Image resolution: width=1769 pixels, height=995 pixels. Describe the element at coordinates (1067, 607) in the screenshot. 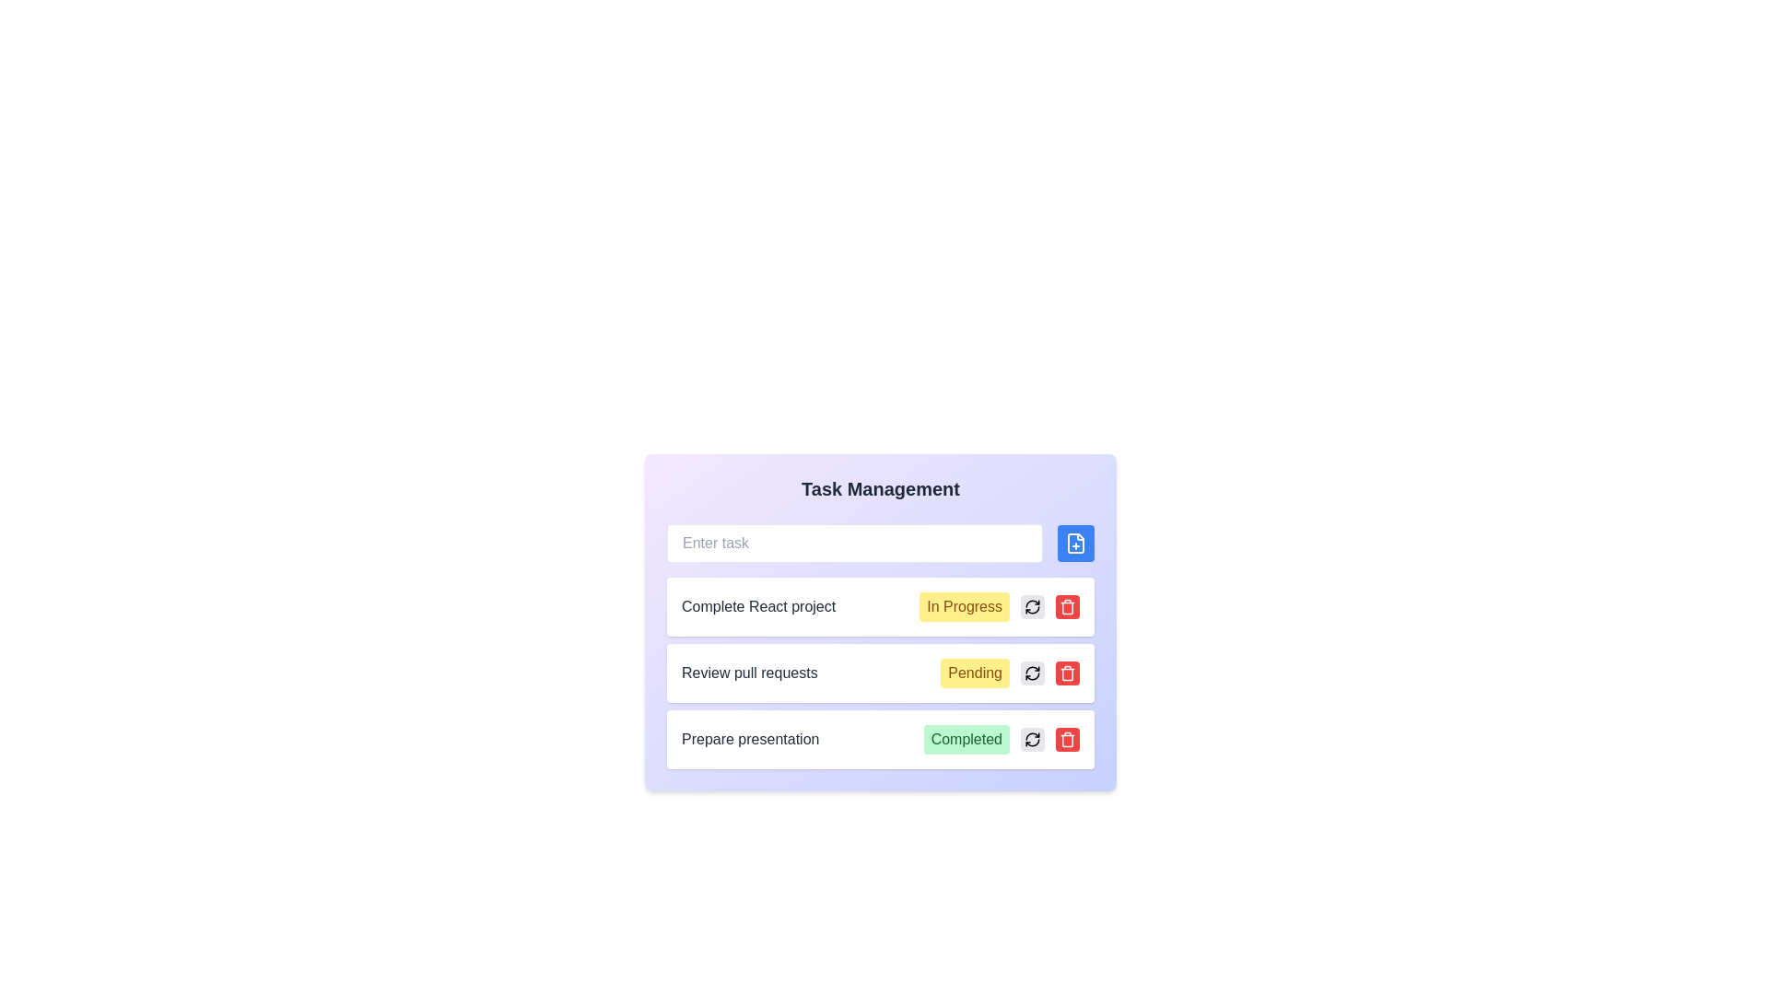

I see `the delete button located at the far right of the 'In Progress' task row` at that location.